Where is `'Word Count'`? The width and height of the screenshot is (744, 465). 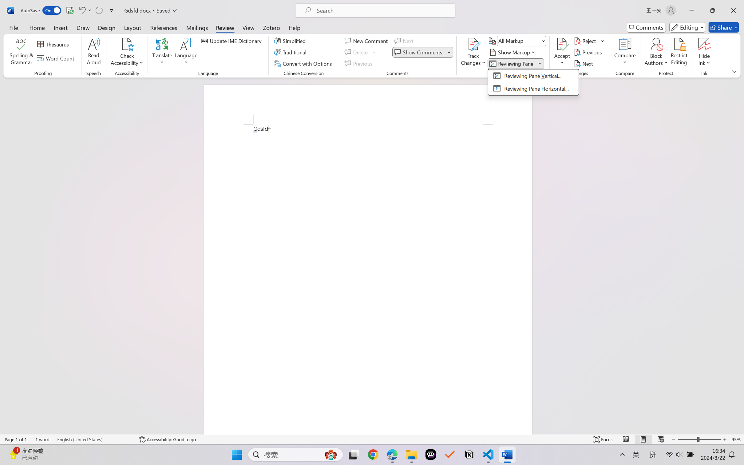
'Word Count' is located at coordinates (56, 58).